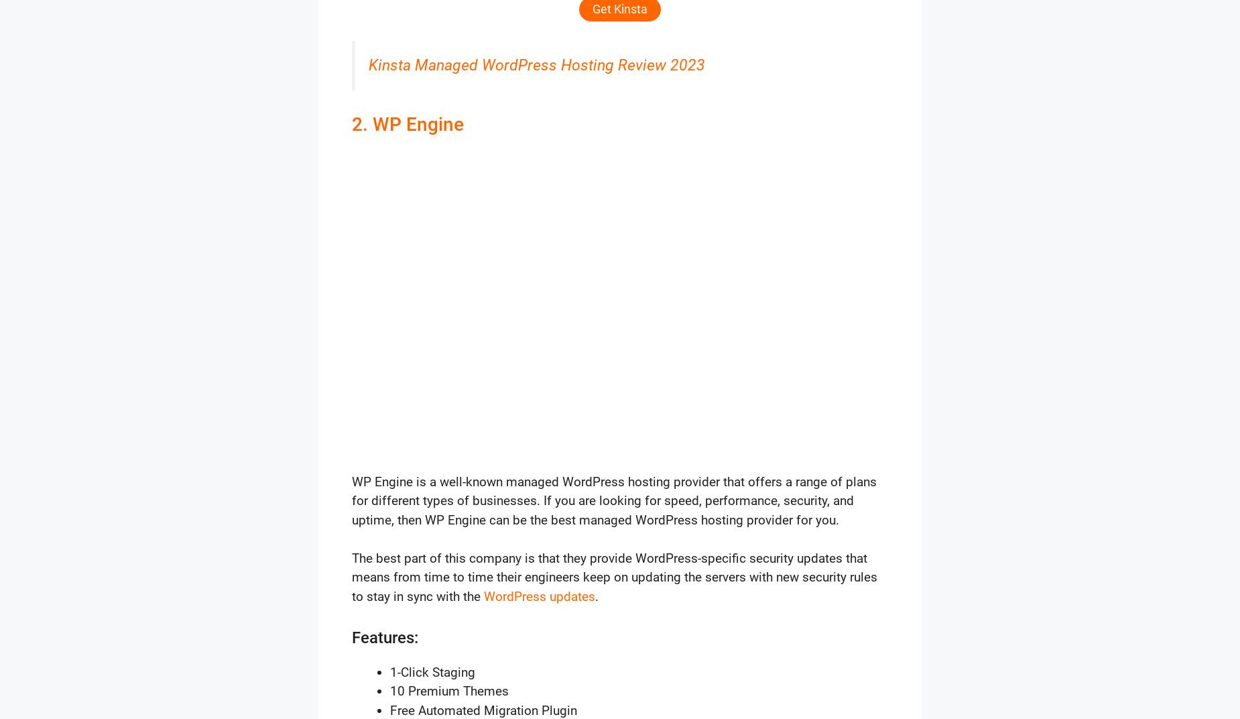 Image resolution: width=1240 pixels, height=719 pixels. What do you see at coordinates (614, 500) in the screenshot?
I see `'WP Engine is a well-known managed WordPress hosting provider that offers a range of plans for different types of businesses. If you are looking for speed, performance, security, and uptime, then WP Engine can be the best managed WordPress hosting provider for you.'` at bounding box center [614, 500].